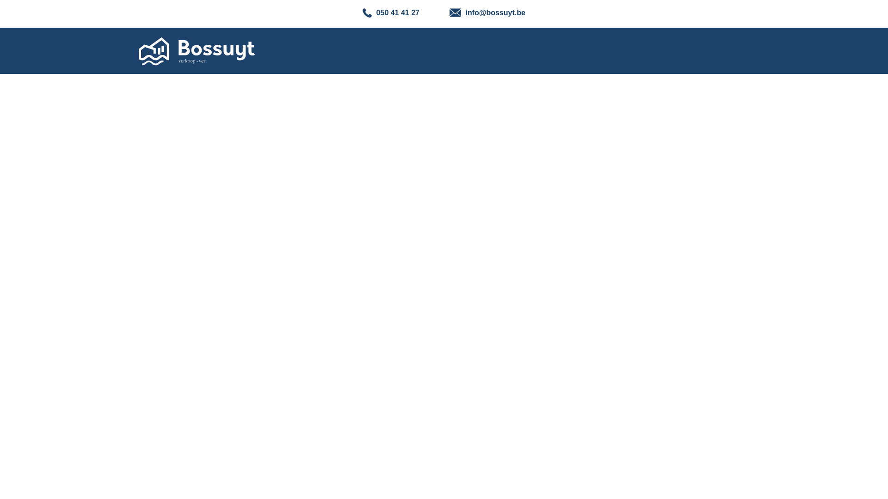 This screenshot has height=499, width=888. What do you see at coordinates (487, 12) in the screenshot?
I see `'info@bossuyt.be'` at bounding box center [487, 12].